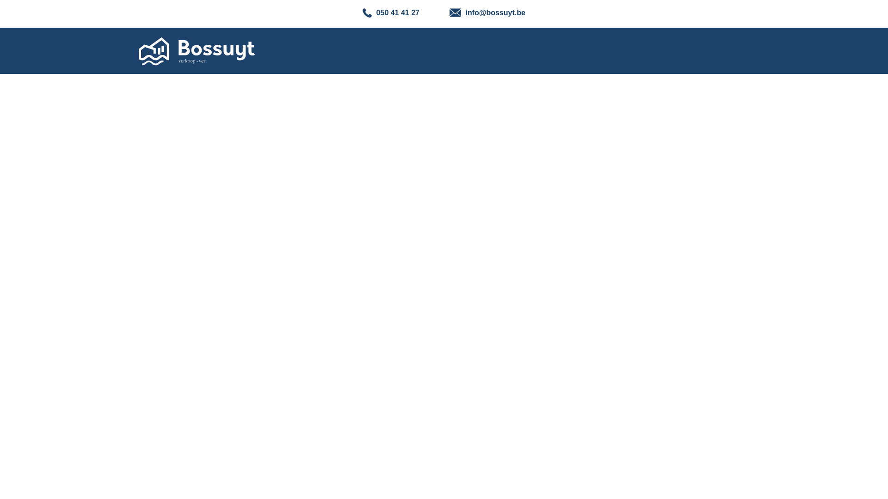 This screenshot has height=499, width=888. What do you see at coordinates (487, 12) in the screenshot?
I see `'info@bossuyt.be'` at bounding box center [487, 12].